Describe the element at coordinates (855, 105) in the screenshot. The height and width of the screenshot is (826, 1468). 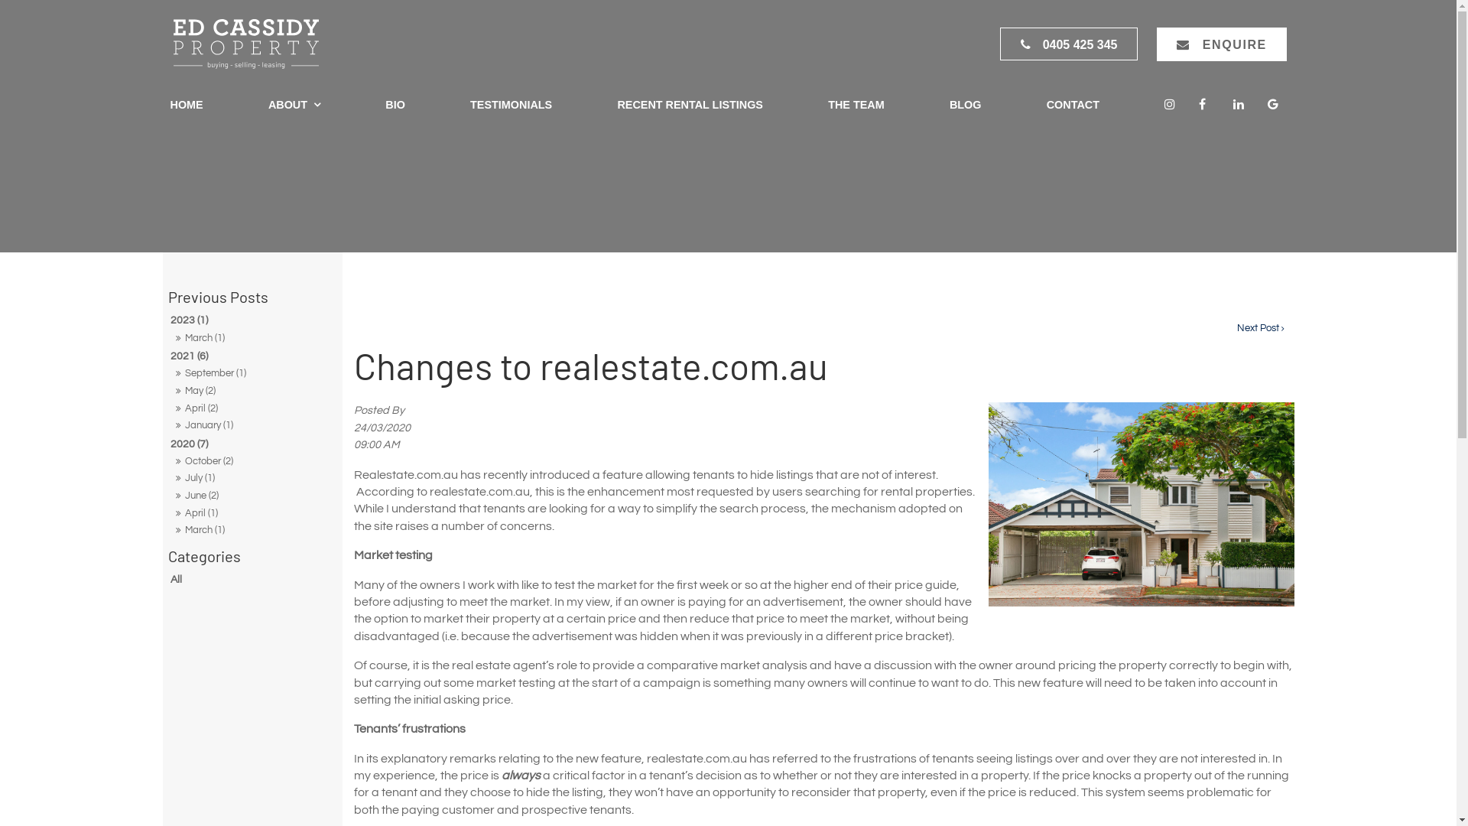
I see `'THE TEAM'` at that location.